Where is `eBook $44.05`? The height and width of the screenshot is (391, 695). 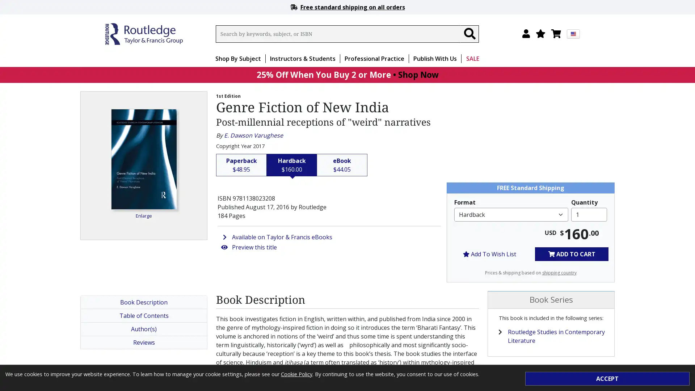 eBook $44.05 is located at coordinates (342, 165).